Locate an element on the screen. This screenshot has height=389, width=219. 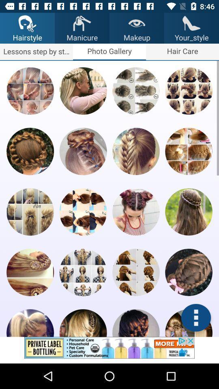
opens this nail style is located at coordinates (136, 211).